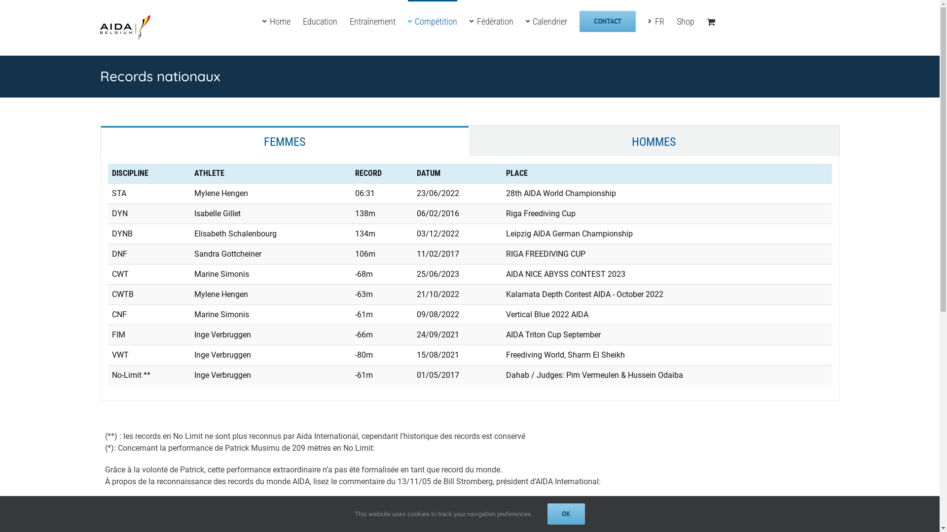 The width and height of the screenshot is (947, 532). What do you see at coordinates (607, 21) in the screenshot?
I see `'CONTACT'` at bounding box center [607, 21].